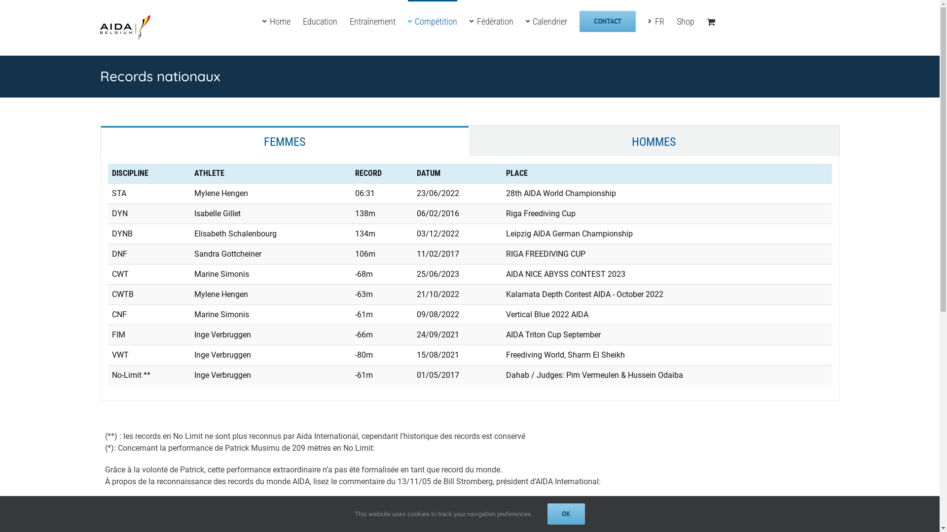 The width and height of the screenshot is (947, 532). What do you see at coordinates (607, 21) in the screenshot?
I see `'CONTACT'` at bounding box center [607, 21].